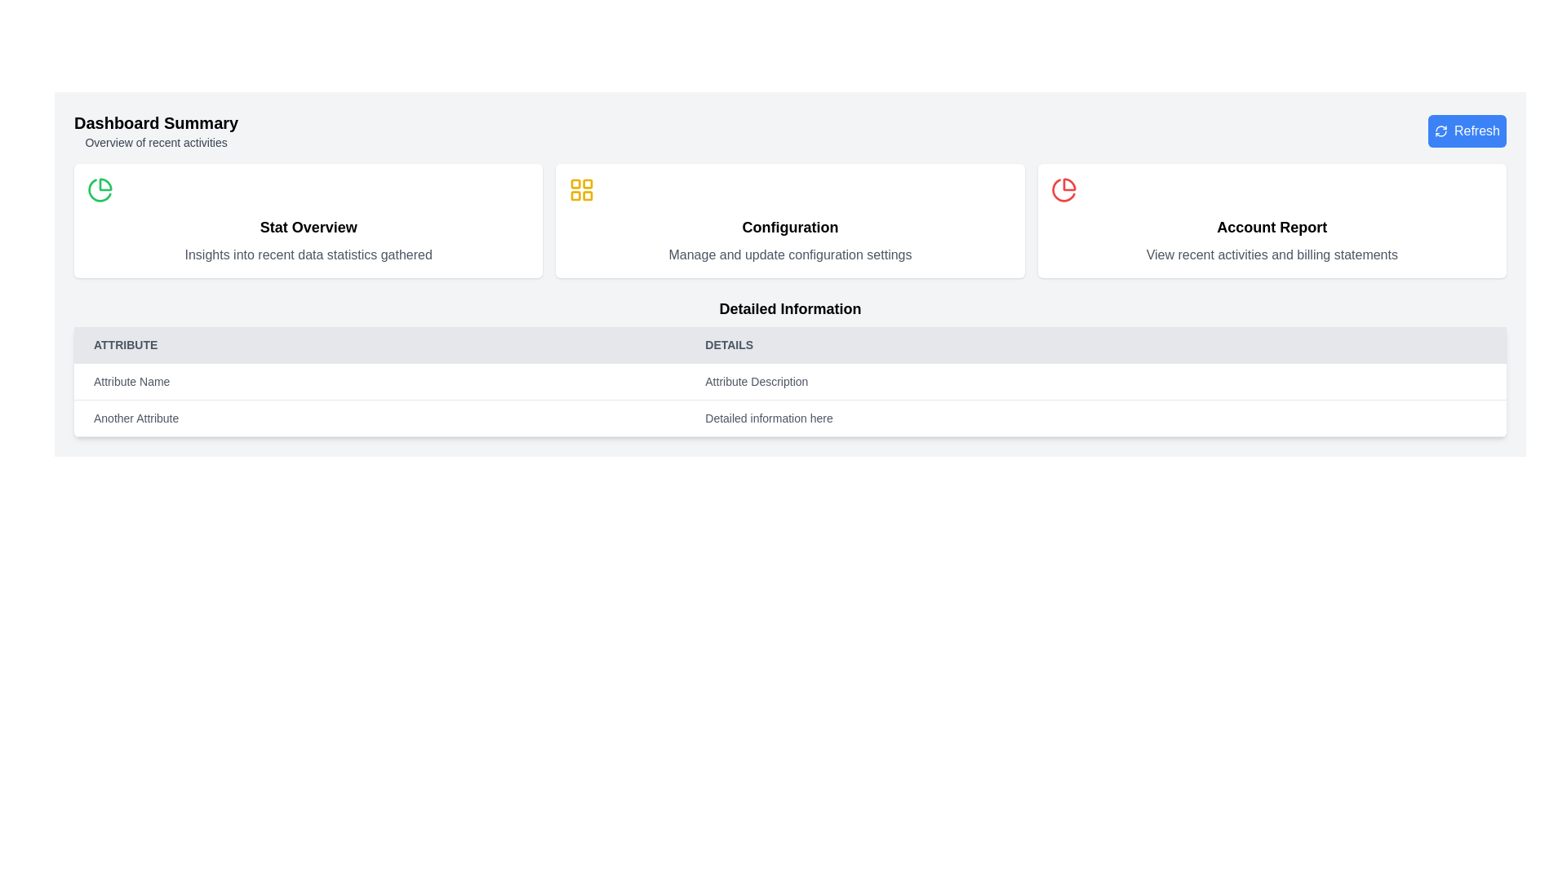 The width and height of the screenshot is (1567, 881). Describe the element at coordinates (582, 188) in the screenshot. I see `the grid-like icon made up of four yellow squares with rounded edges located in the 'Configuration' panel for managing configuration settings` at that location.